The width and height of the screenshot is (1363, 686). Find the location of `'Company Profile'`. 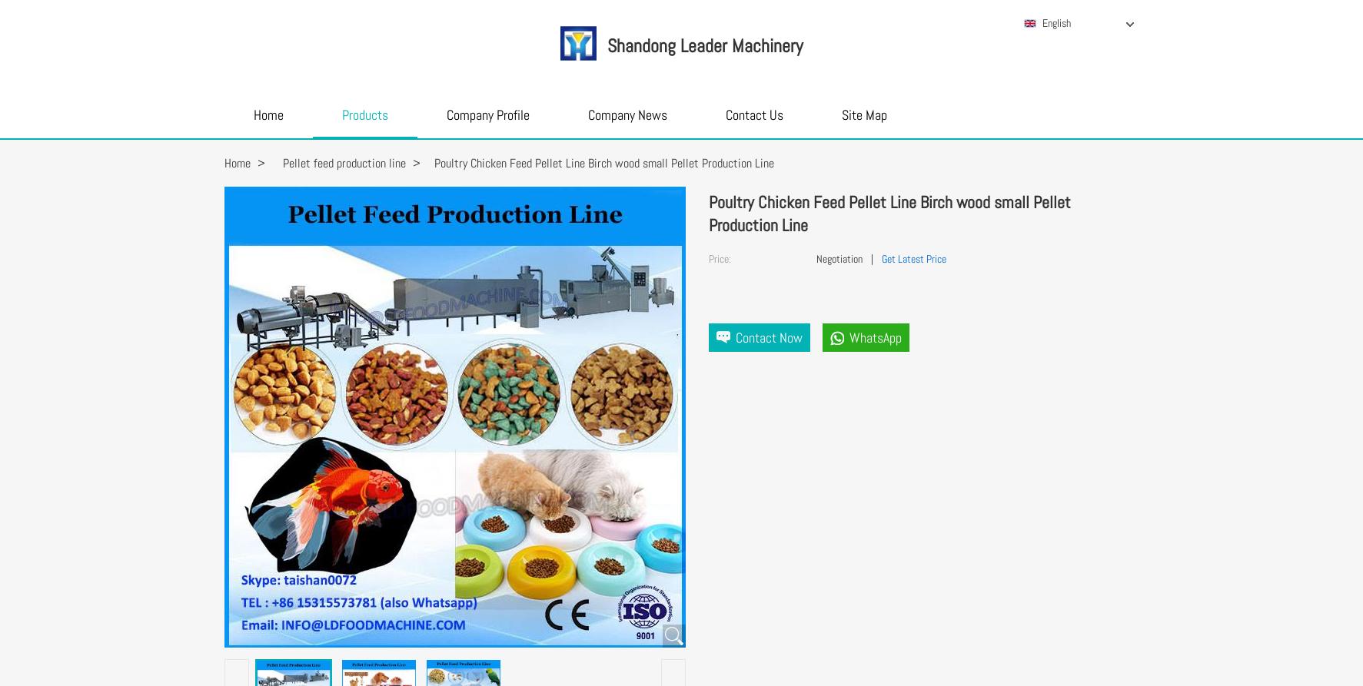

'Company Profile' is located at coordinates (445, 114).